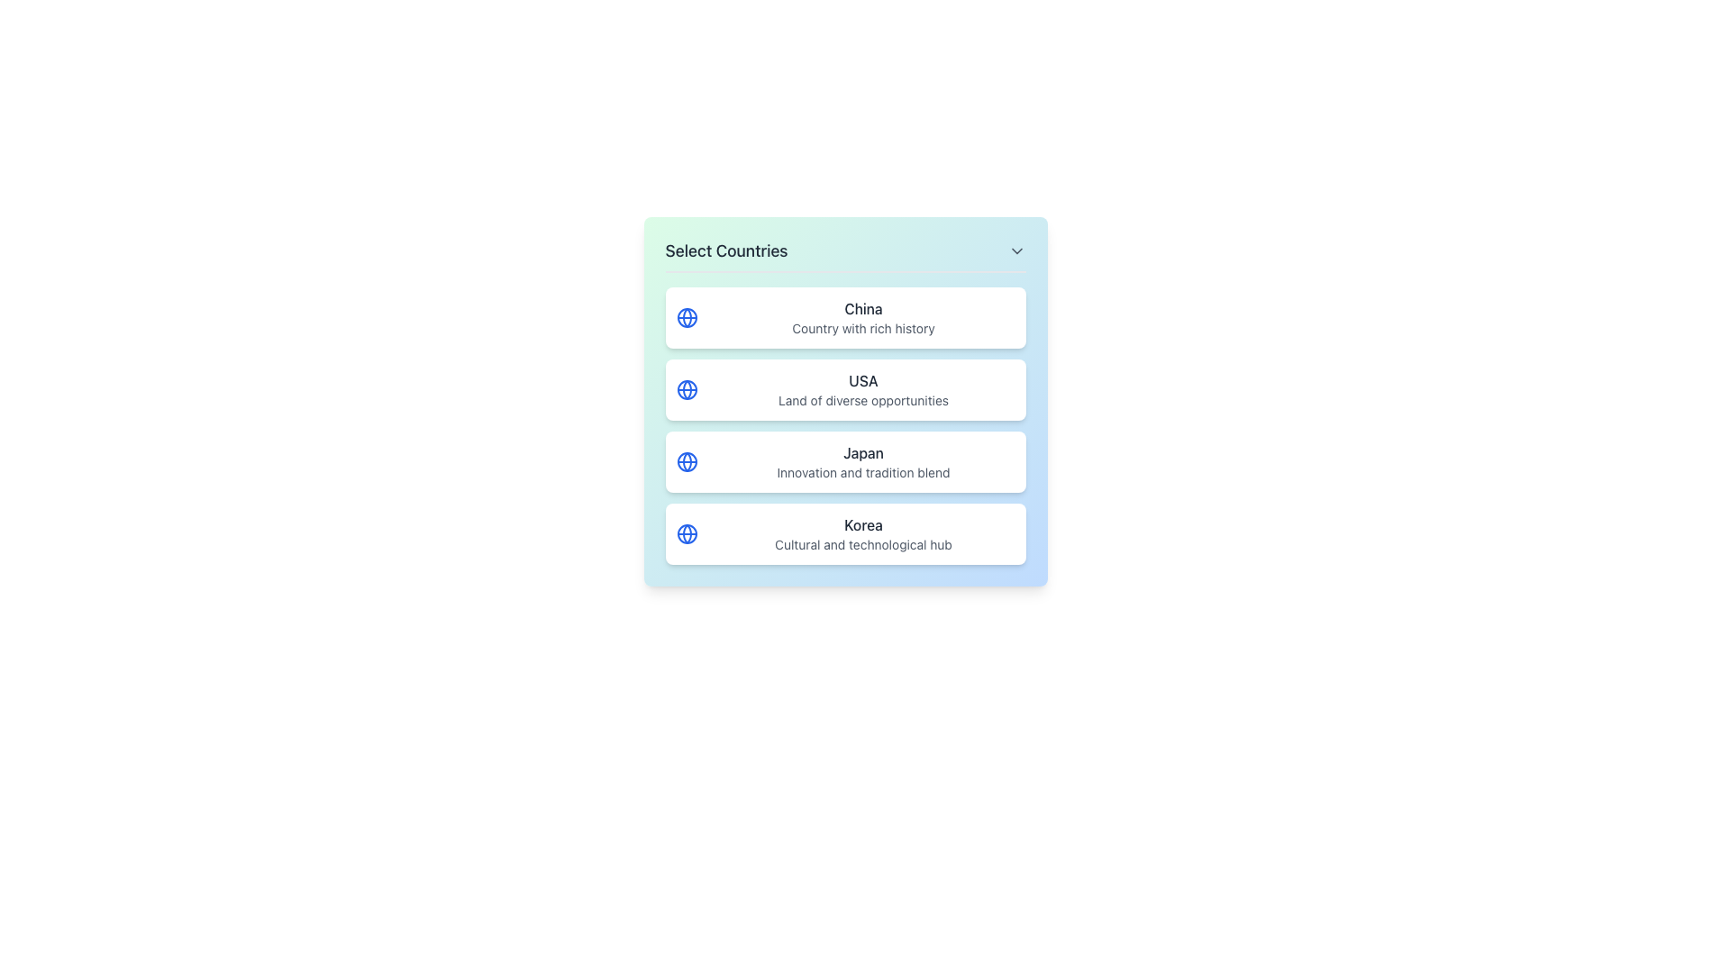 The image size is (1730, 973). What do you see at coordinates (862, 533) in the screenshot?
I see `the selectable option for the country 'Korea' which is displayed in the light blue section labeled 'Select Countries'` at bounding box center [862, 533].